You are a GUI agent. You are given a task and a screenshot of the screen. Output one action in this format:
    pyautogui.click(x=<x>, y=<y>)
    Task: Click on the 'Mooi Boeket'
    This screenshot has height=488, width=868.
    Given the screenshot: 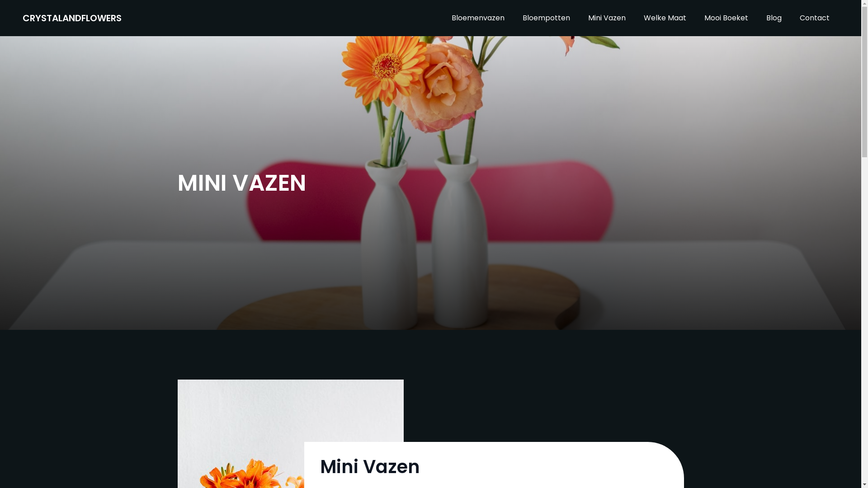 What is the action you would take?
    pyautogui.click(x=726, y=18)
    